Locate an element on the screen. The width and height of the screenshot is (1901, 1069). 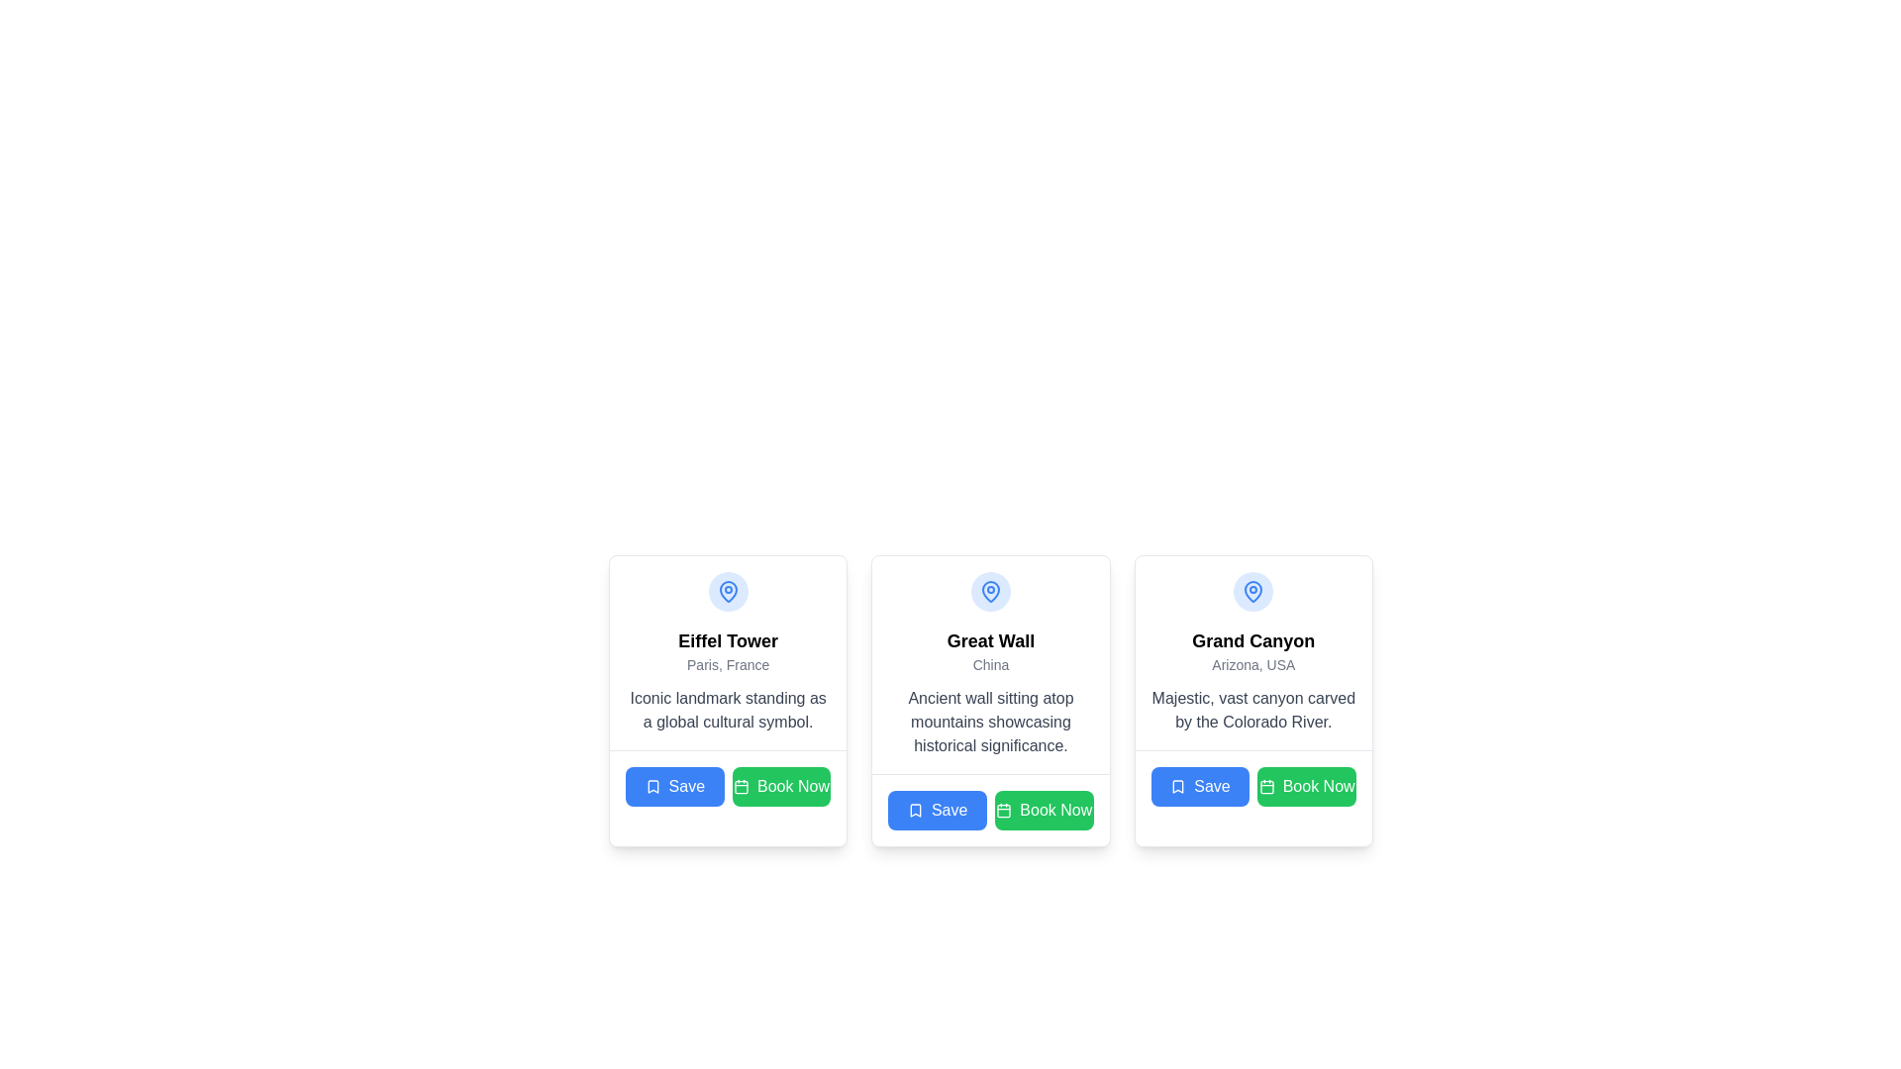
text label displaying 'Majestic, vast canyon carved by the Colorado River.' which is located in the card titled 'Grand Canyon' in Arizona, USA is located at coordinates (1252, 709).